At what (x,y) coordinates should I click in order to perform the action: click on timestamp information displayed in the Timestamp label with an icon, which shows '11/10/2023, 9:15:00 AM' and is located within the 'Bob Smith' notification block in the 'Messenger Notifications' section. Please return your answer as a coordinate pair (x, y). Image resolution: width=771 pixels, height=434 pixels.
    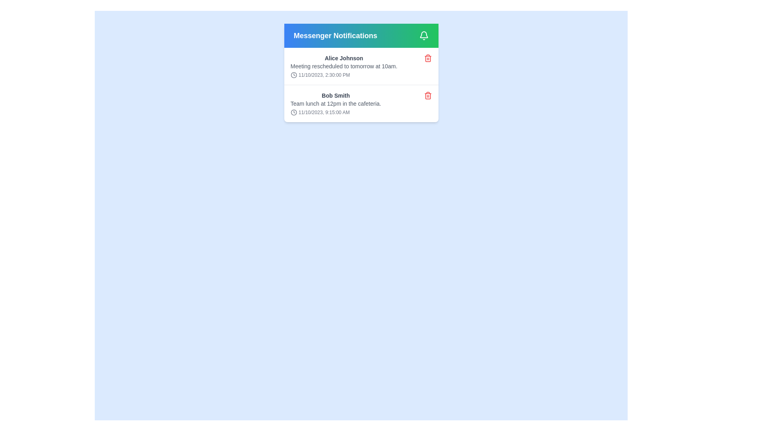
    Looking at the image, I should click on (336, 113).